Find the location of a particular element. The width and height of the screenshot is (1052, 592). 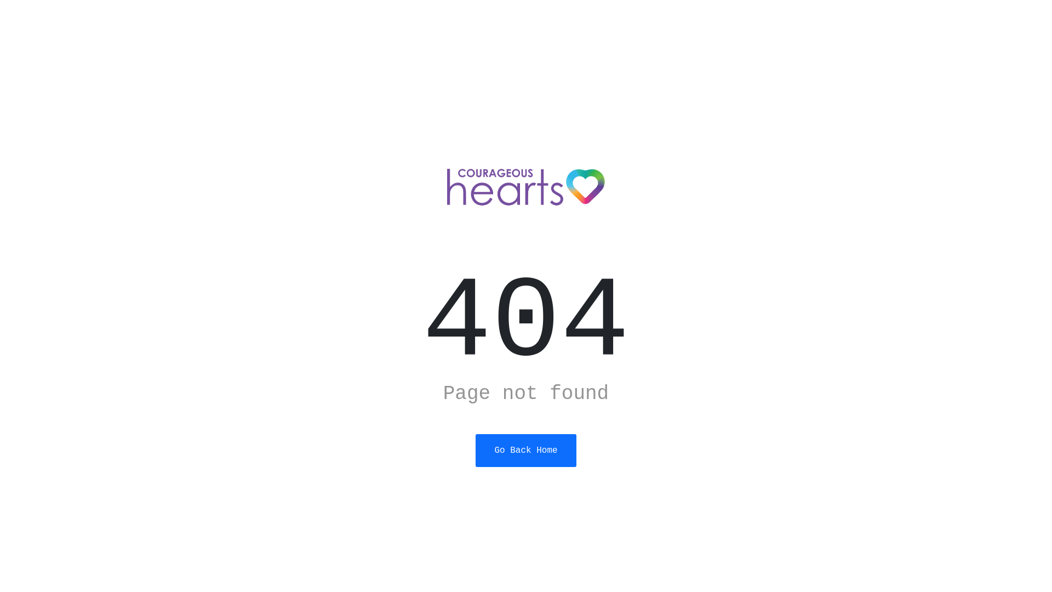

'Go Back Home' is located at coordinates (476, 450).